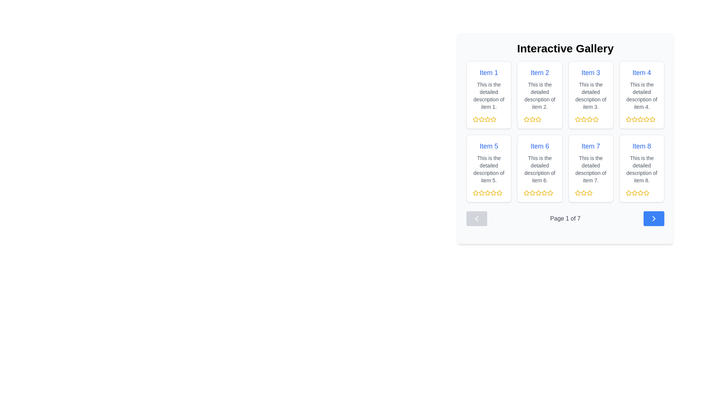  I want to click on the 'Item 8' card in the bottom-right corner of the grid layout, so click(641, 169).